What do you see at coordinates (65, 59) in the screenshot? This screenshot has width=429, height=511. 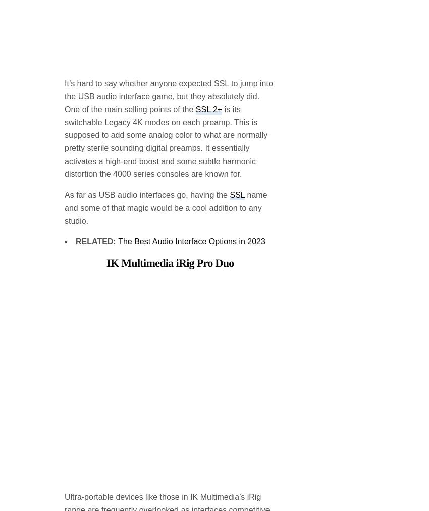 I see `'is its switchable Legacy 4K modes on each preamp. This is supposed to add some analog color to what are normally pretty sterile sounding digital preamps. It essentially activates a high-end boost and some subtle harmonic distortion the 4000 series consoles are known for.'` at bounding box center [65, 59].